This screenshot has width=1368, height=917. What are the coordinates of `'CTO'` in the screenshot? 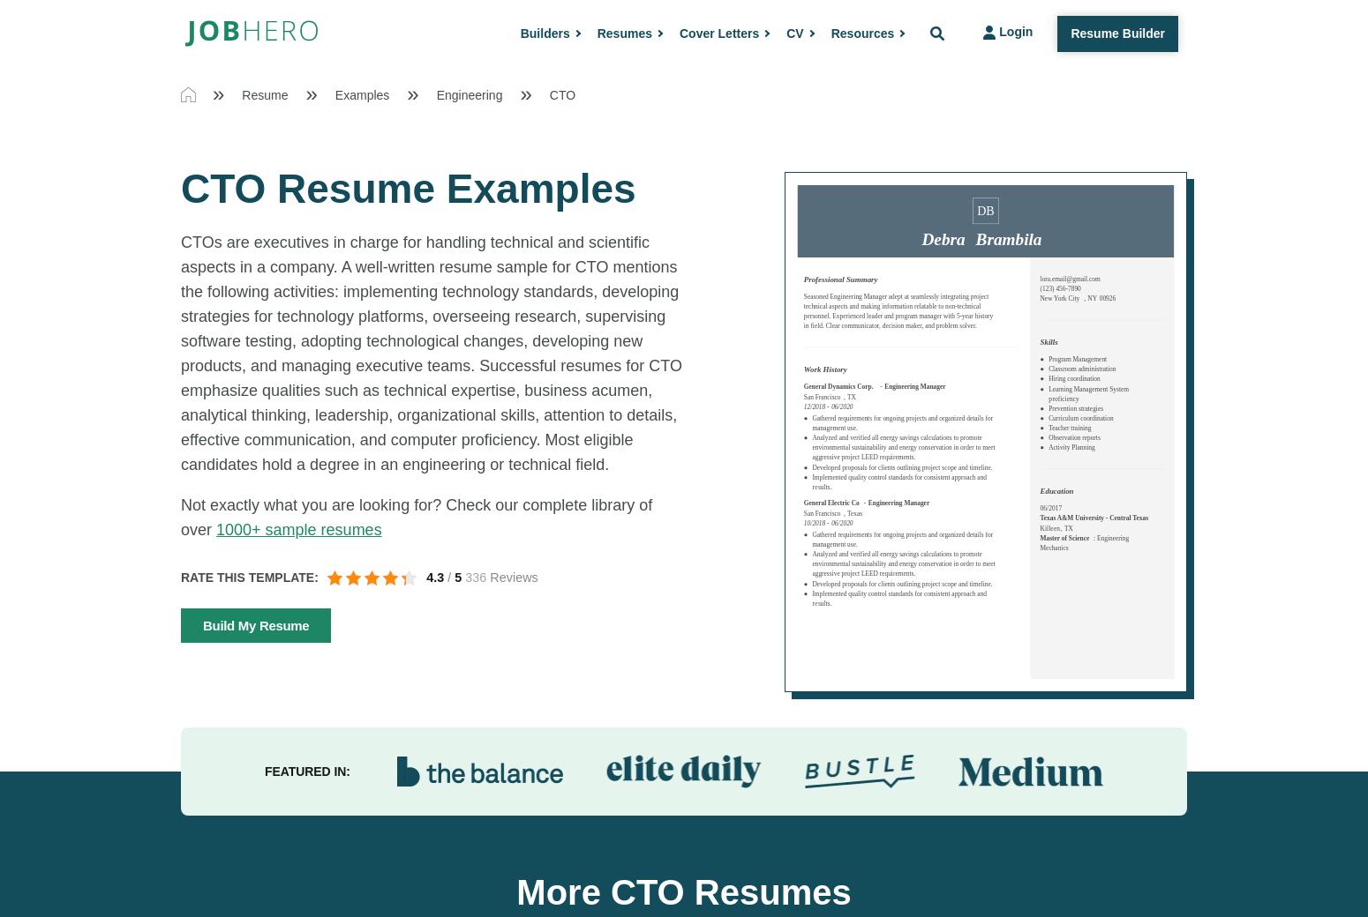 It's located at (561, 93).